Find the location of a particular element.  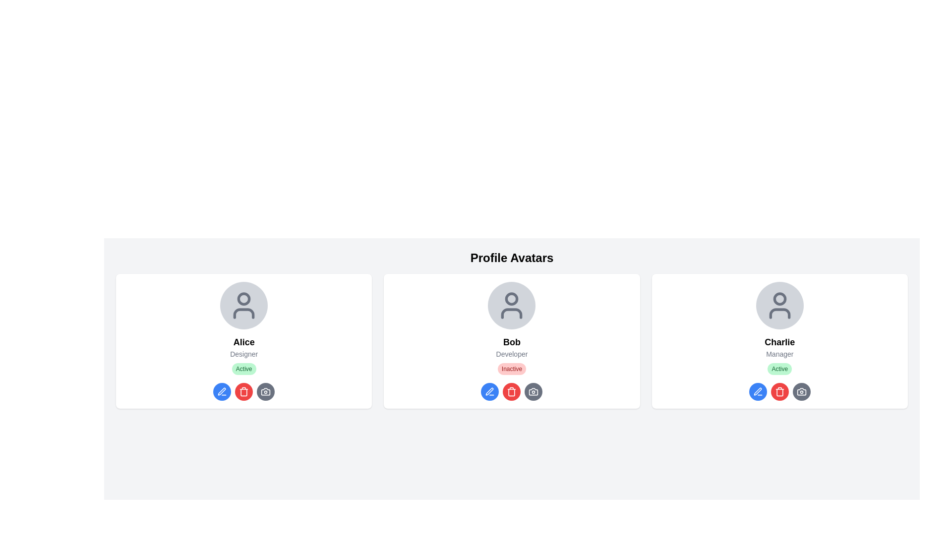

the upper circular part of the user avatar icon representing Charlie's head, located in the rightmost profile section is located at coordinates (779, 298).